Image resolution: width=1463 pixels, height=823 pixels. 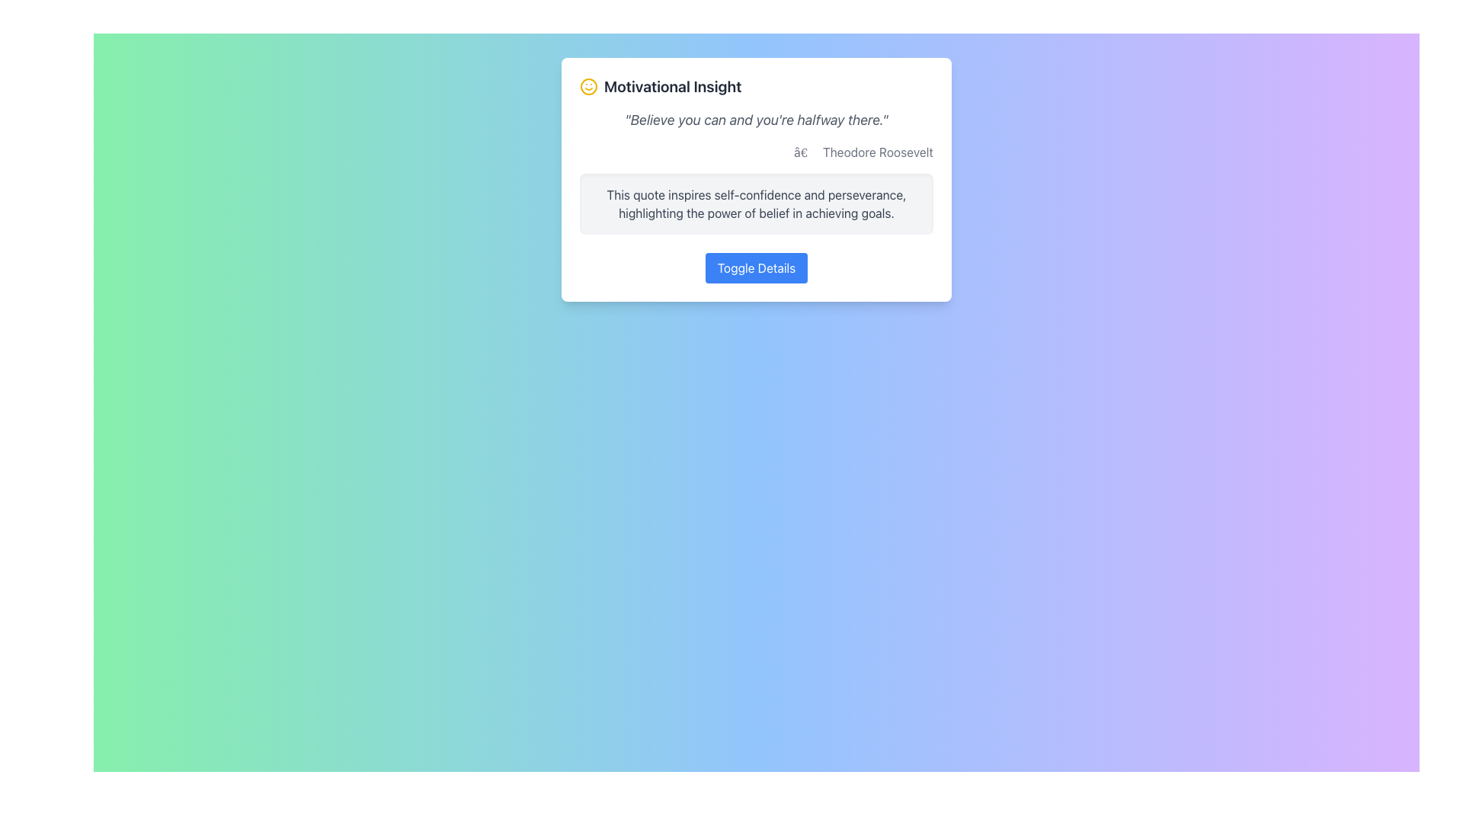 I want to click on the SVG Circle element with a yellow outline that is centrally placed within a smiling face icon on the Motivational Insight card, so click(x=587, y=87).